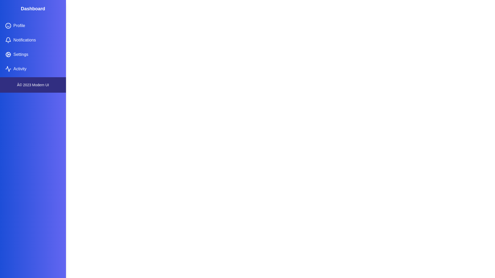 This screenshot has width=495, height=278. I want to click on the navigation item Settings, so click(33, 55).